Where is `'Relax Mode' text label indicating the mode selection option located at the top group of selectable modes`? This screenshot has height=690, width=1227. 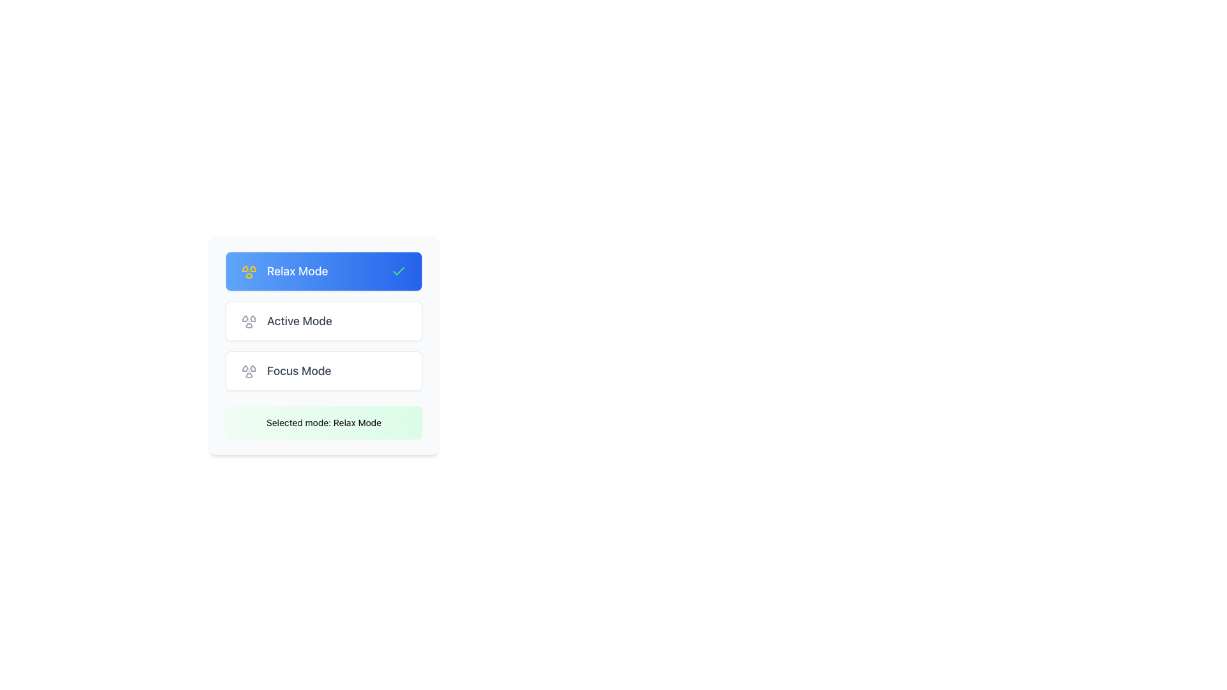
'Relax Mode' text label indicating the mode selection option located at the top group of selectable modes is located at coordinates (297, 270).